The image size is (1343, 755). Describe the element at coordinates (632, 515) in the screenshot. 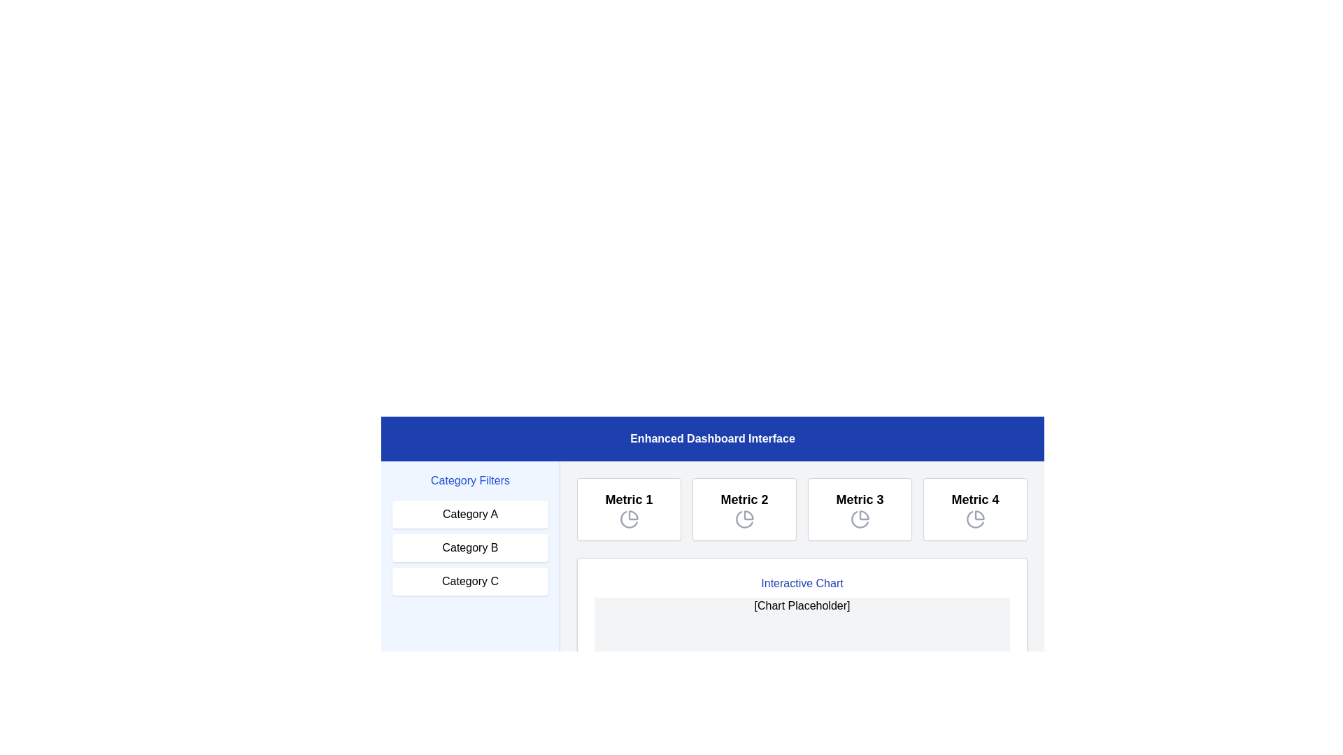

I see `the curved segment of the pie chart icon associated with 'Metric 1'` at that location.